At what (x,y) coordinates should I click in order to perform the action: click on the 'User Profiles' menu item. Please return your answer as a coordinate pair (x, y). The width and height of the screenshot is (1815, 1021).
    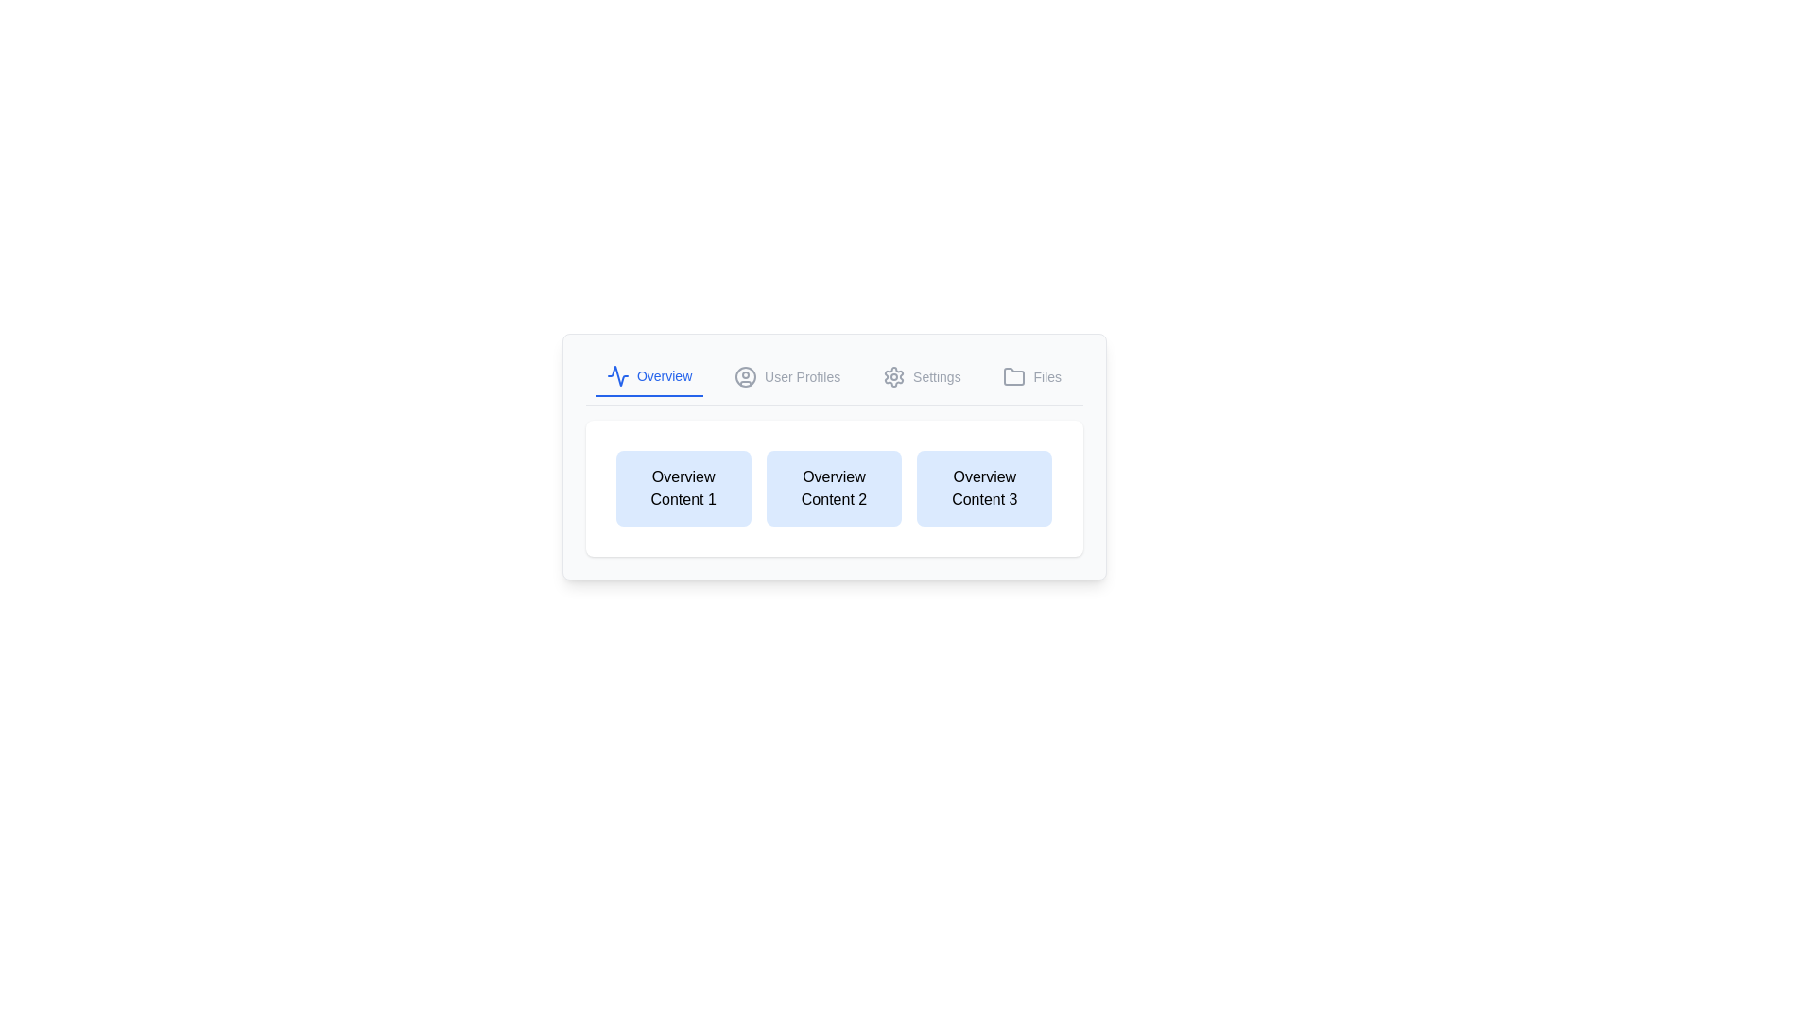
    Looking at the image, I should click on (787, 376).